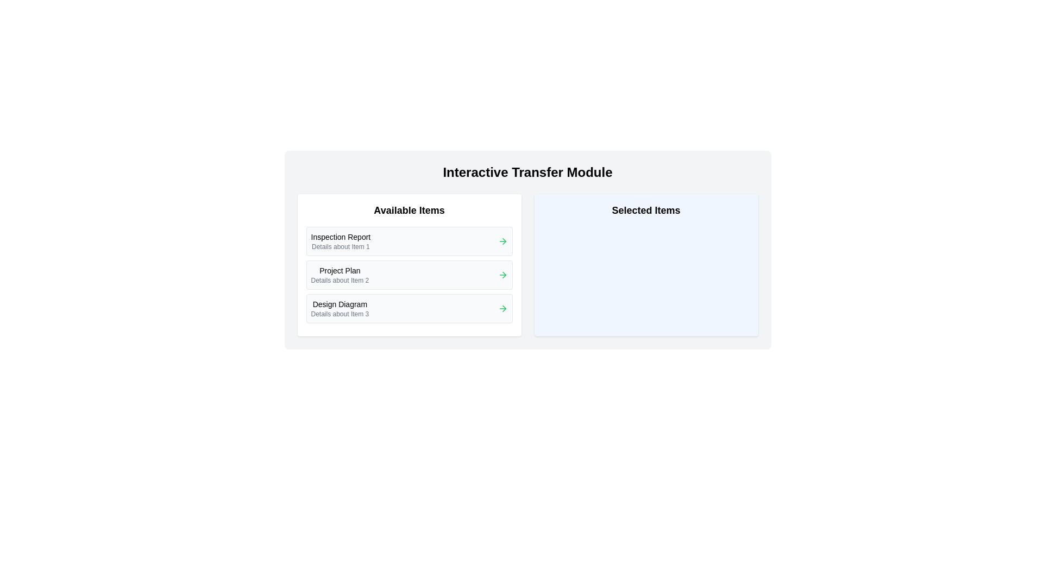  Describe the element at coordinates (339, 309) in the screenshot. I see `the text element labeled 'Design Diagram' which describes details about Item 3` at that location.